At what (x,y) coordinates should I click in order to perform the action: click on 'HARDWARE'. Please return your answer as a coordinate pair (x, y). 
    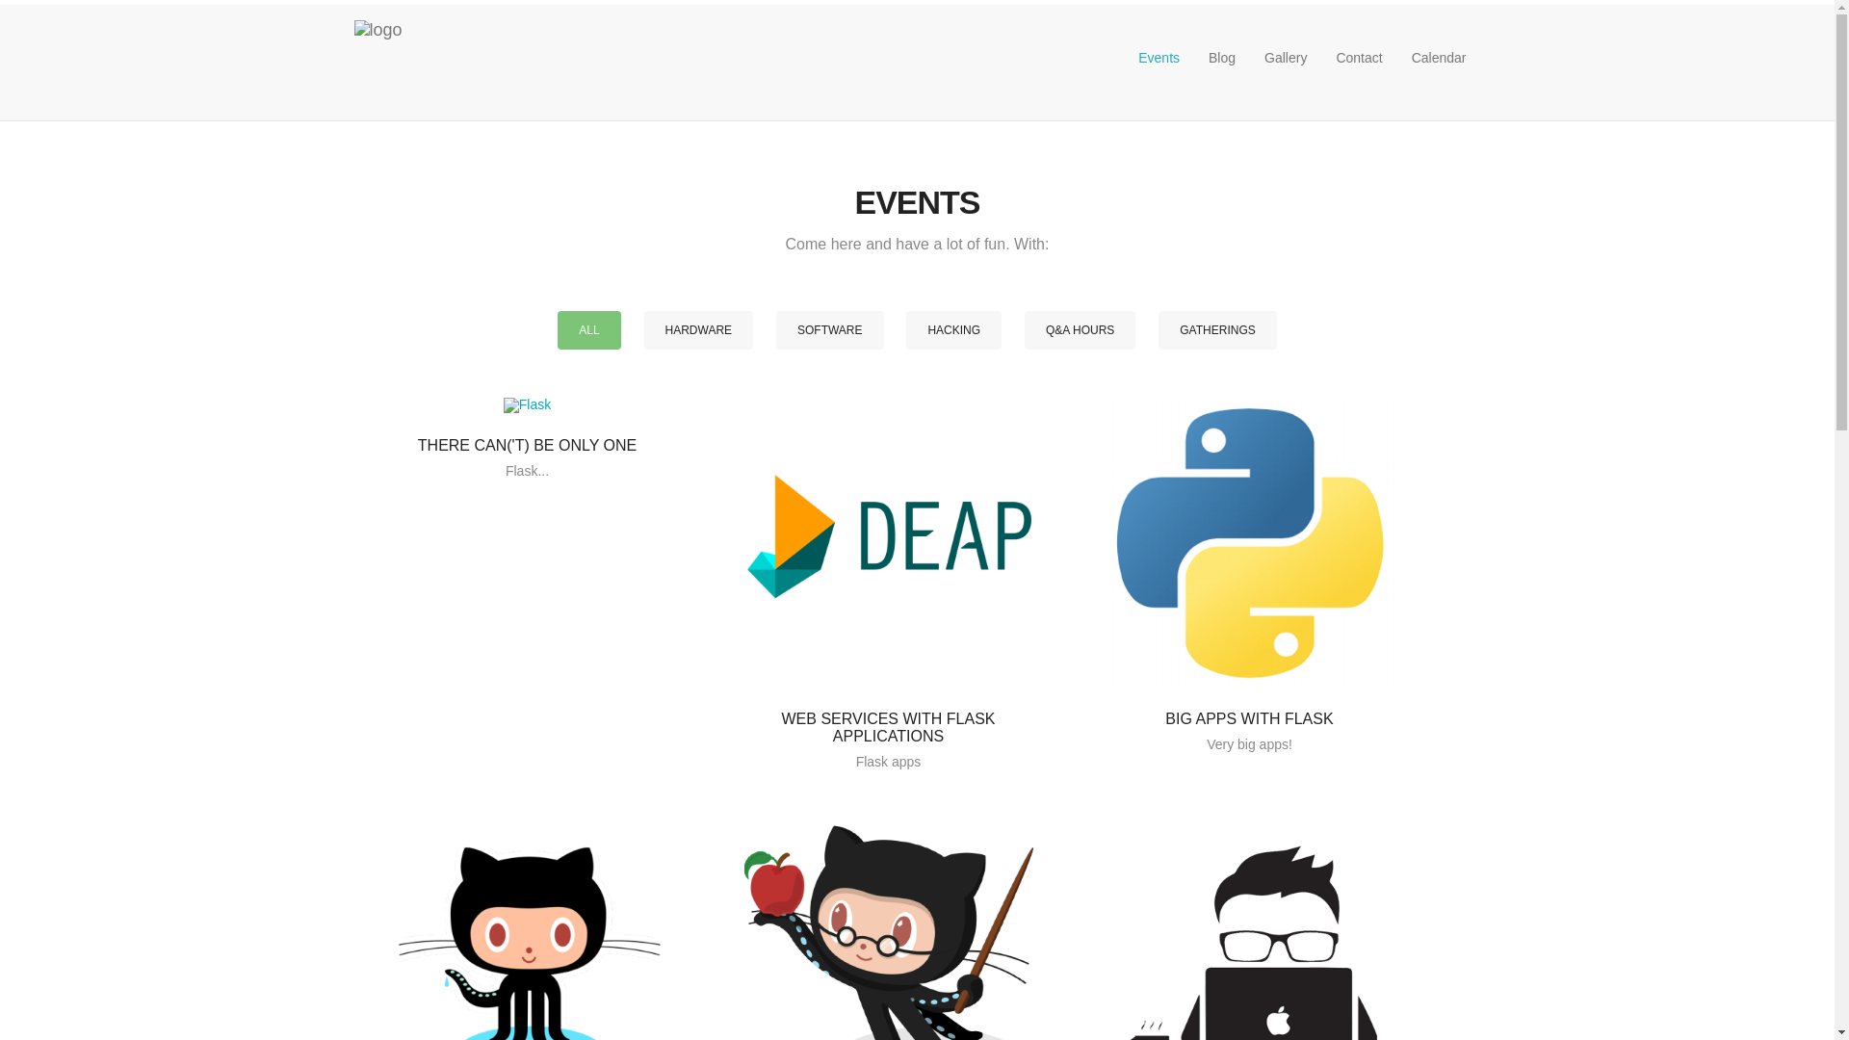
    Looking at the image, I should click on (697, 329).